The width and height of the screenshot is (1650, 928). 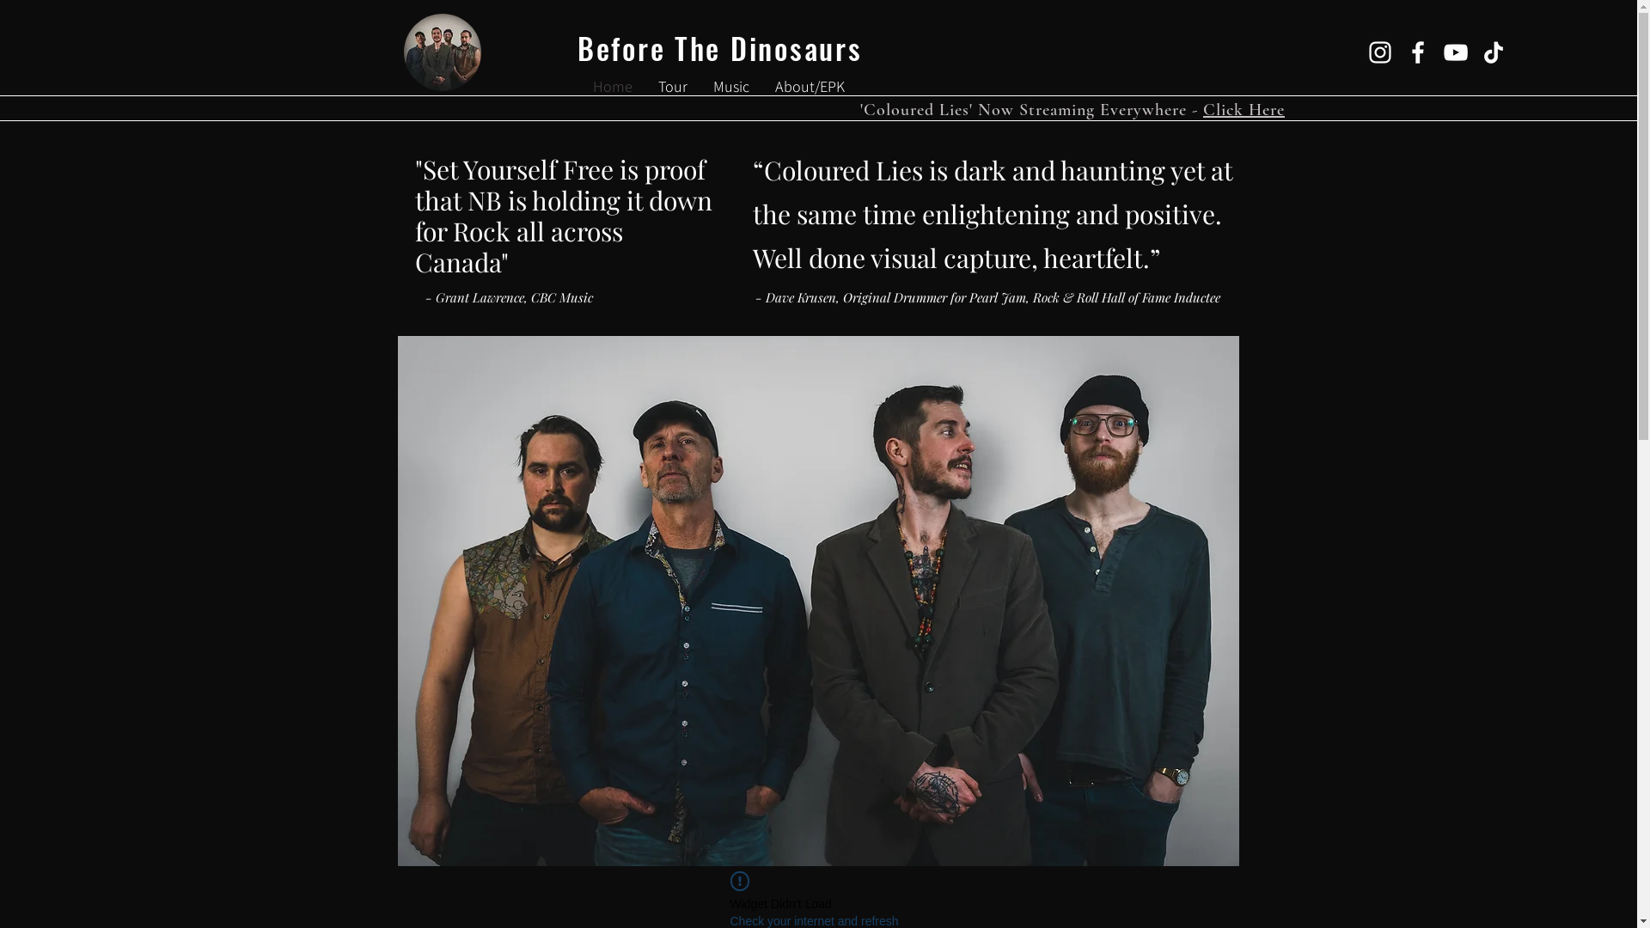 What do you see at coordinates (613, 86) in the screenshot?
I see `'Home'` at bounding box center [613, 86].